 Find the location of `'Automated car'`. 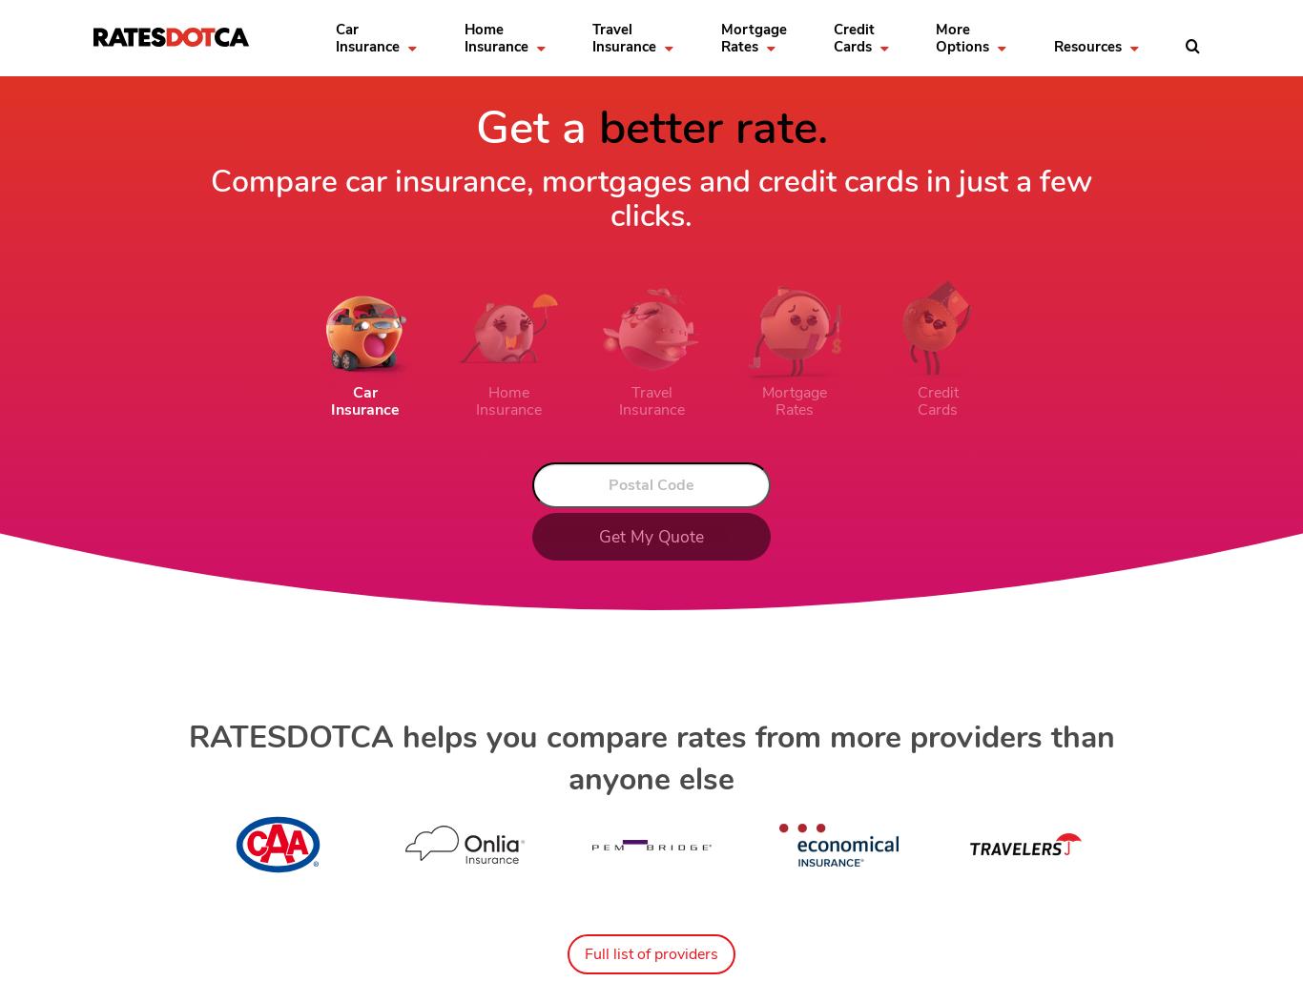

'Automated car' is located at coordinates (1064, 155).